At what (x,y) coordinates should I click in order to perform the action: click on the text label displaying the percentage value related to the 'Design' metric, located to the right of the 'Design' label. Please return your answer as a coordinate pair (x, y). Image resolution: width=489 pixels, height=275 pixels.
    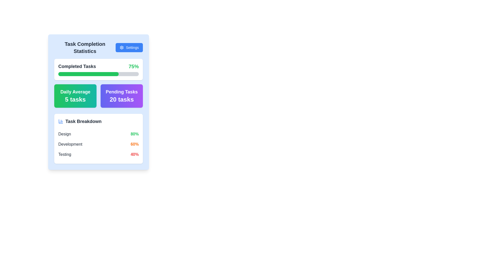
    Looking at the image, I should click on (134, 134).